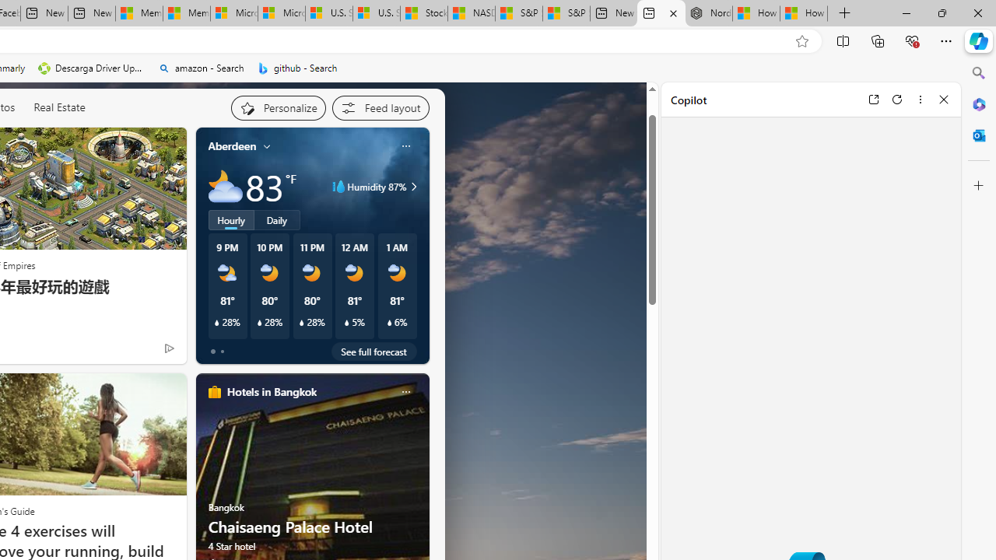  Describe the element at coordinates (267, 145) in the screenshot. I see `'My location'` at that location.